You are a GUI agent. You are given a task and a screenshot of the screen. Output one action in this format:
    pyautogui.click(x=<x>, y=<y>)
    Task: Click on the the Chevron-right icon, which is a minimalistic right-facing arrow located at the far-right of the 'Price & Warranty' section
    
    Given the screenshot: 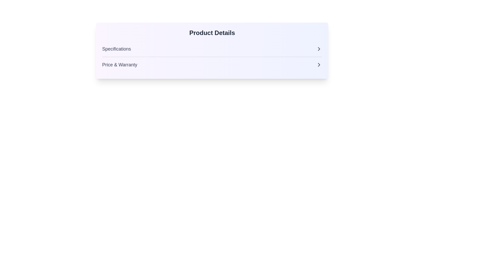 What is the action you would take?
    pyautogui.click(x=319, y=65)
    